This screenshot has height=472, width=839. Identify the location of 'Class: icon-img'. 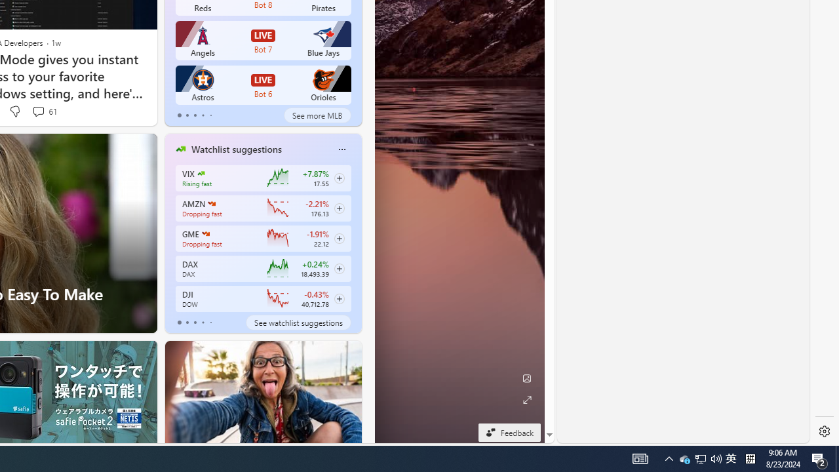
(341, 149).